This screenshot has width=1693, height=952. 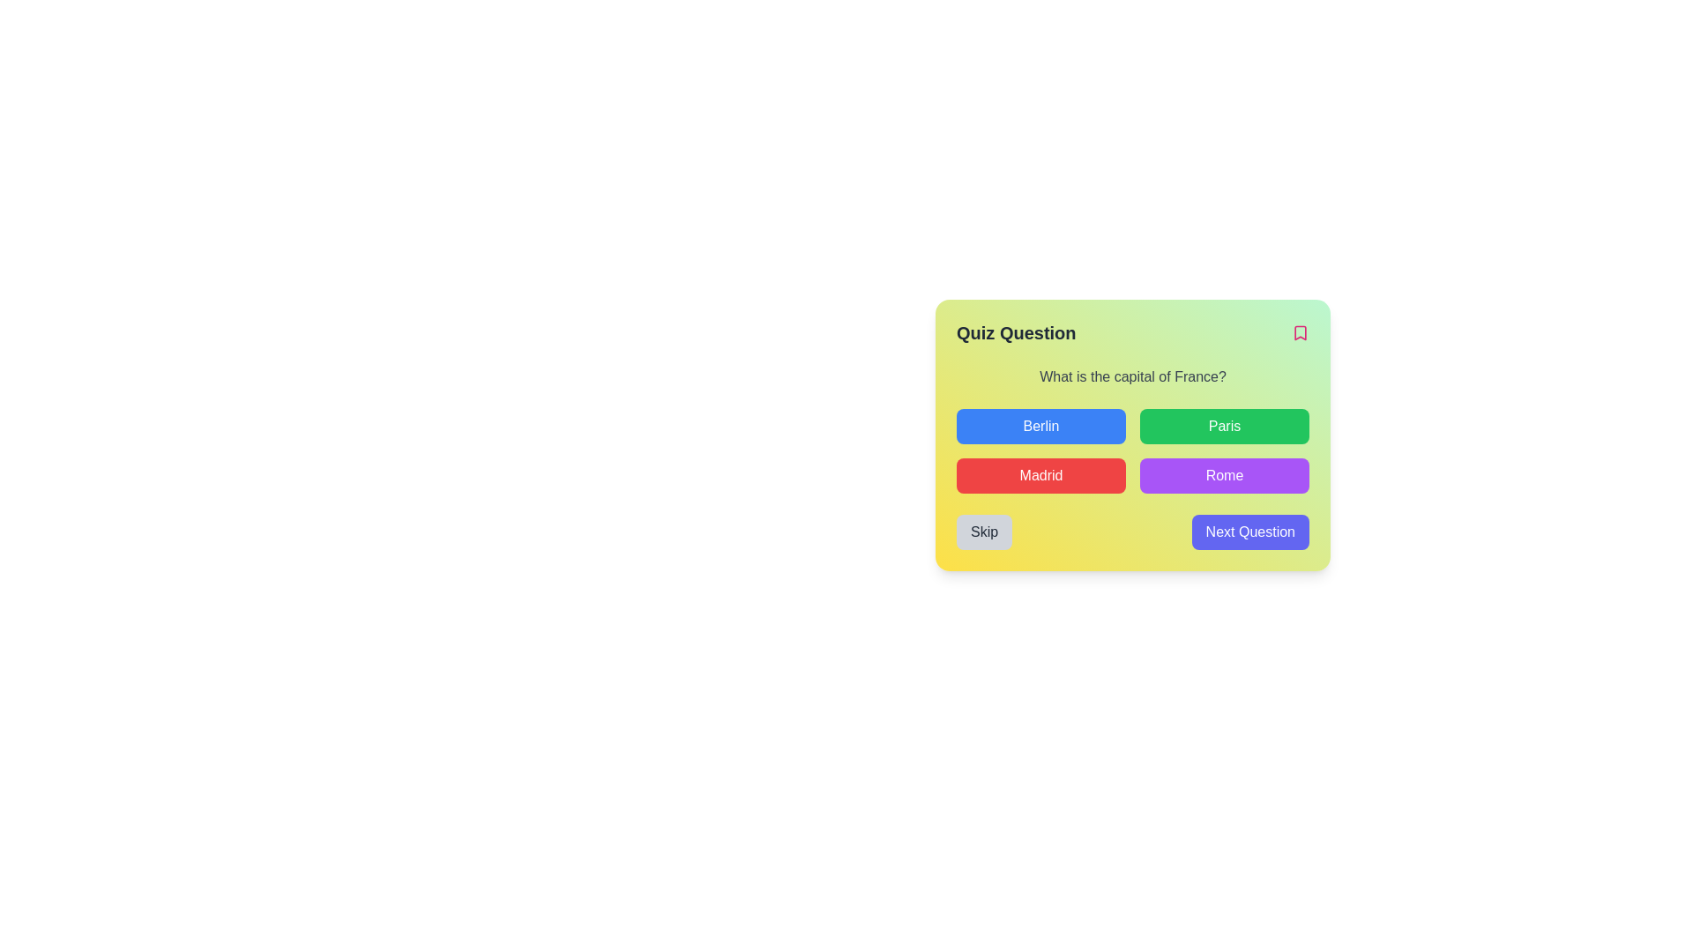 I want to click on the button labeled 'Berlin' in the quiz interface, so click(x=1040, y=426).